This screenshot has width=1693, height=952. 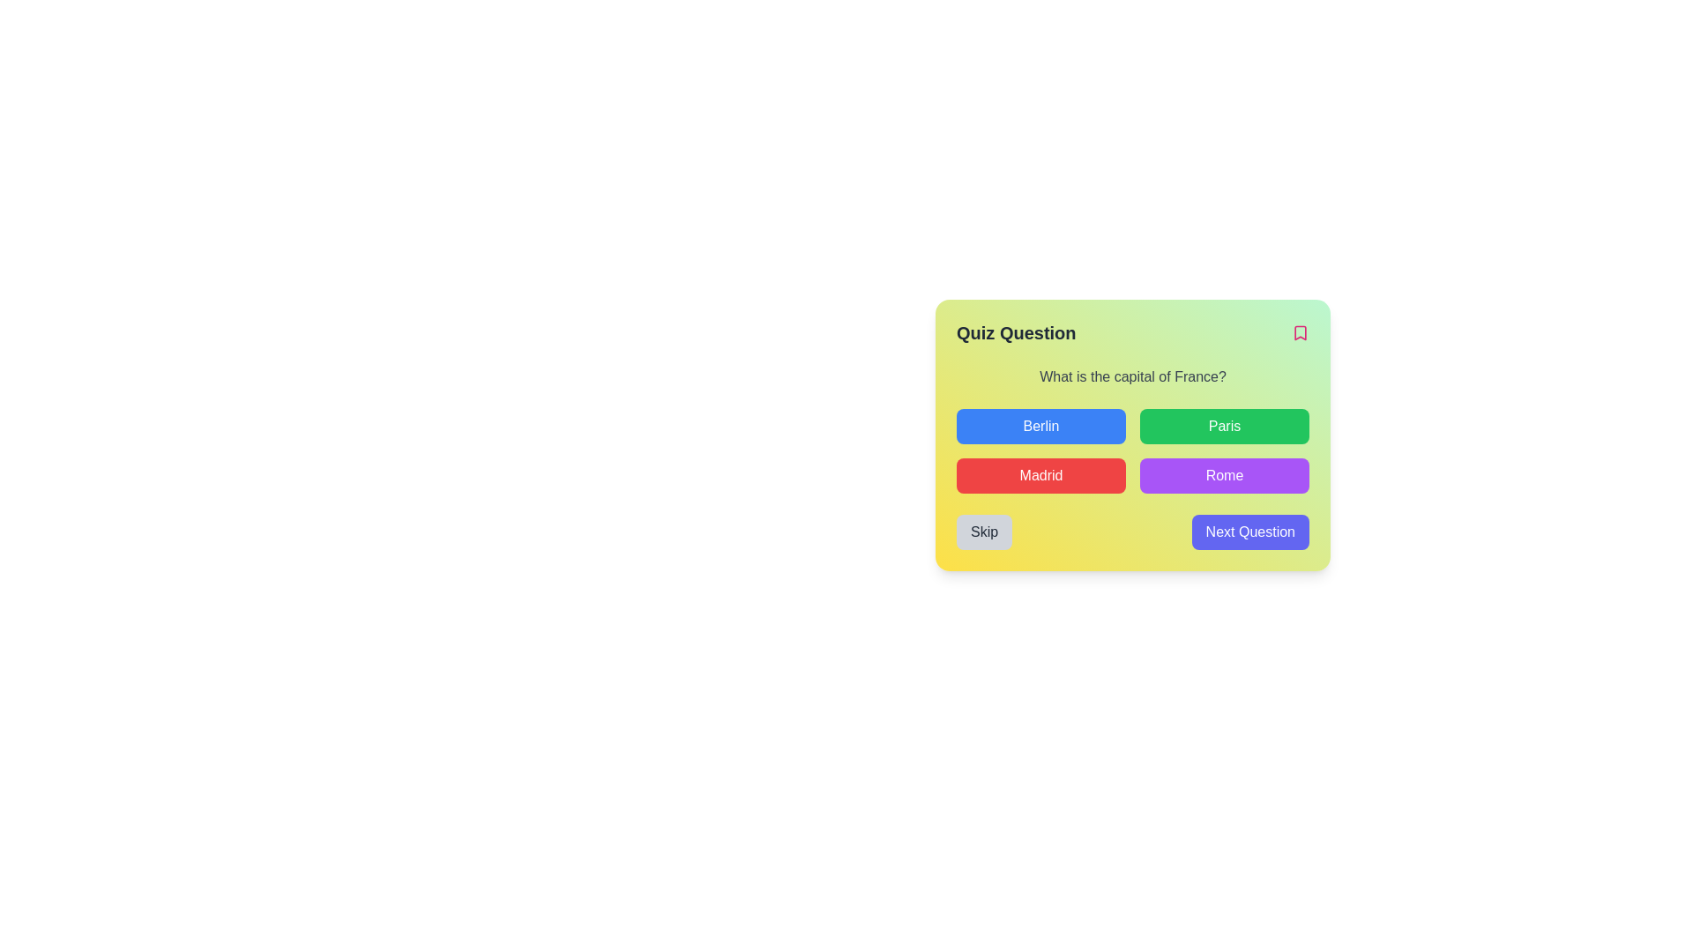 I want to click on the button labeled 'Berlin' in the quiz interface, so click(x=1040, y=426).